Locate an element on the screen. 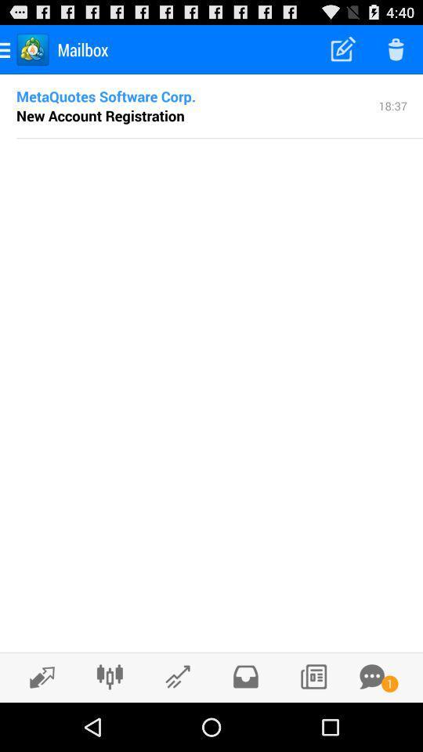  the item to the left of 18:37 is located at coordinates (100, 114).